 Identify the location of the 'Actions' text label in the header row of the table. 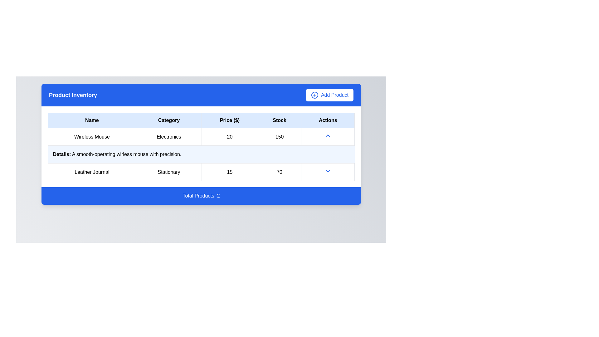
(328, 120).